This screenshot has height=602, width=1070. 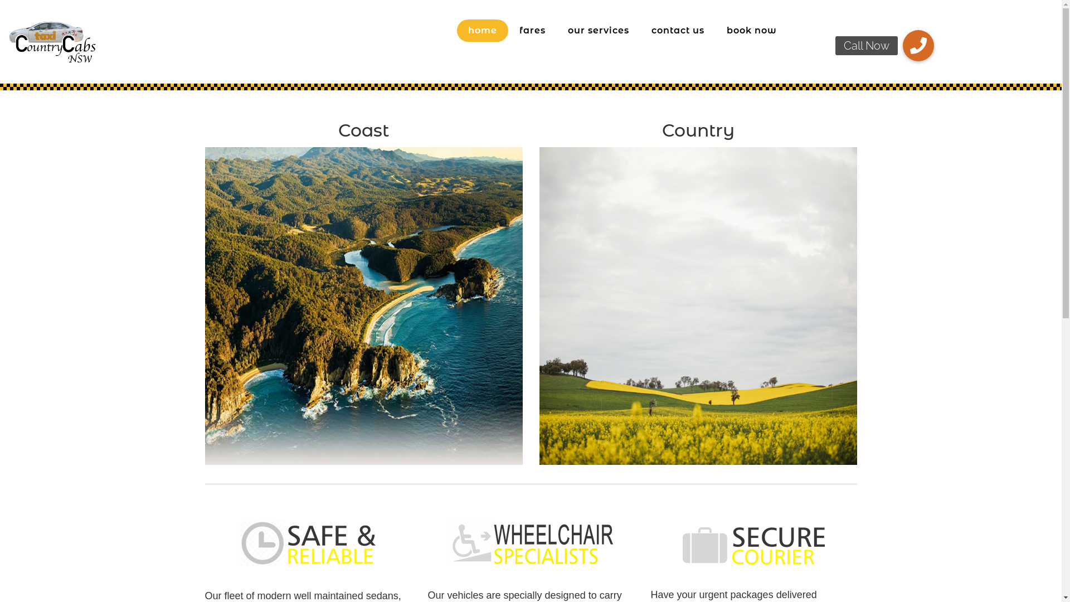 I want to click on 'Call Now', so click(x=918, y=45).